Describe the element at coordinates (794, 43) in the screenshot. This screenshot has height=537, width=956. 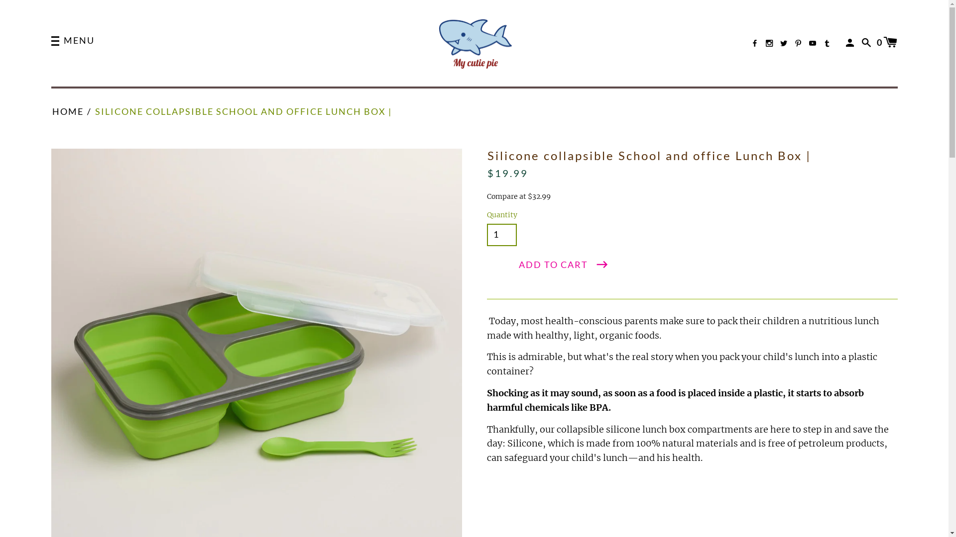
I see `'My Cutie Pie on Pinterest'` at that location.